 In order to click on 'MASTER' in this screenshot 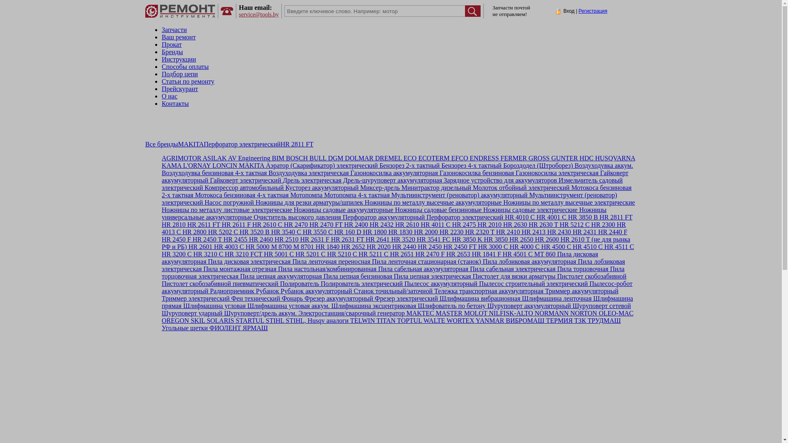, I will do `click(433, 313)`.